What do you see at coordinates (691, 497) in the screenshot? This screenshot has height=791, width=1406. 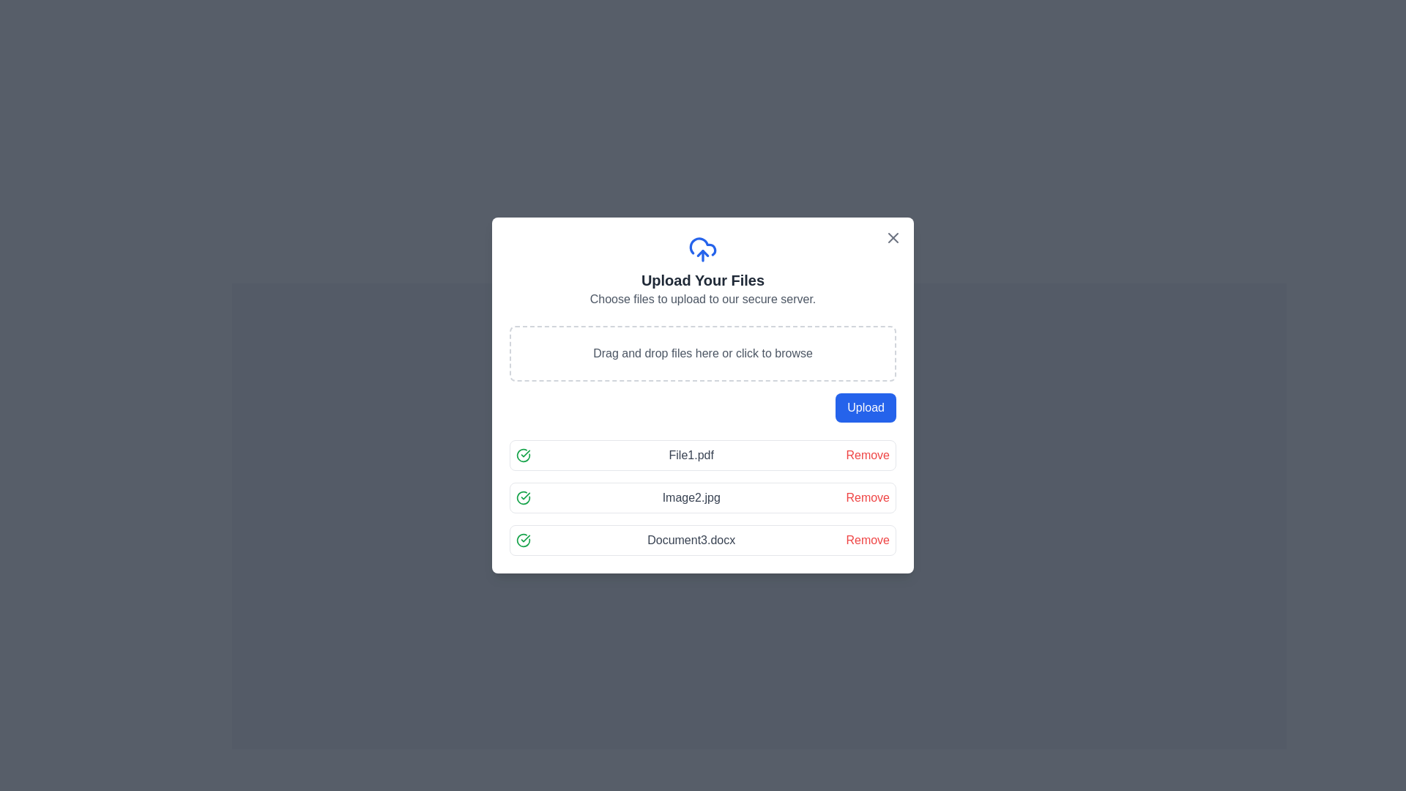 I see `the text label displaying 'Image2.jpg'` at bounding box center [691, 497].